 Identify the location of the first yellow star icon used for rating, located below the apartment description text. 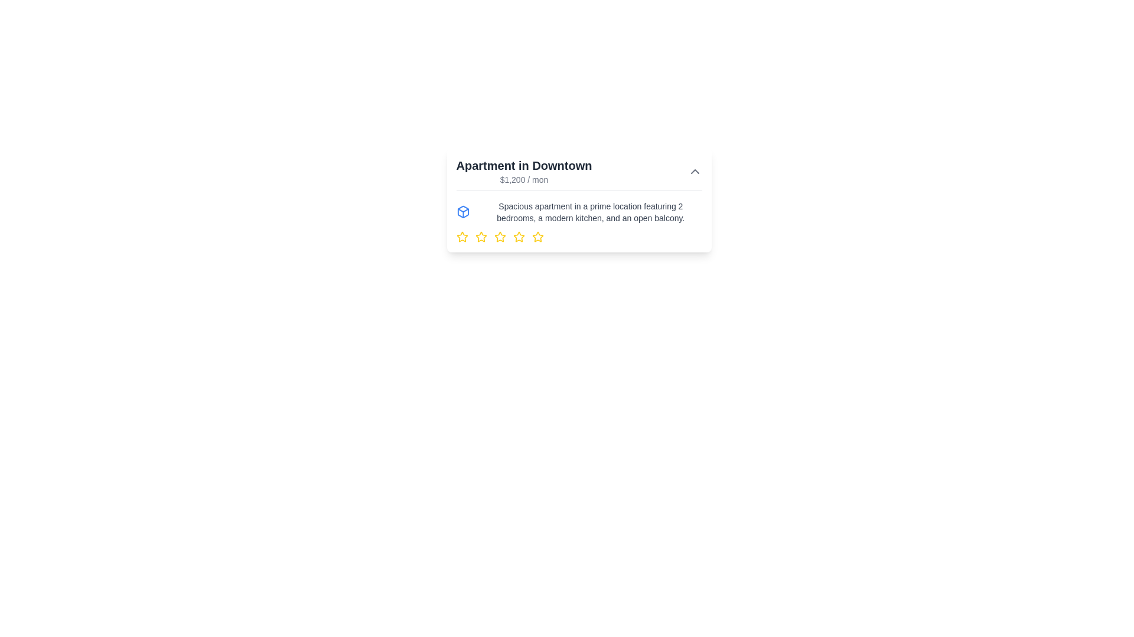
(461, 237).